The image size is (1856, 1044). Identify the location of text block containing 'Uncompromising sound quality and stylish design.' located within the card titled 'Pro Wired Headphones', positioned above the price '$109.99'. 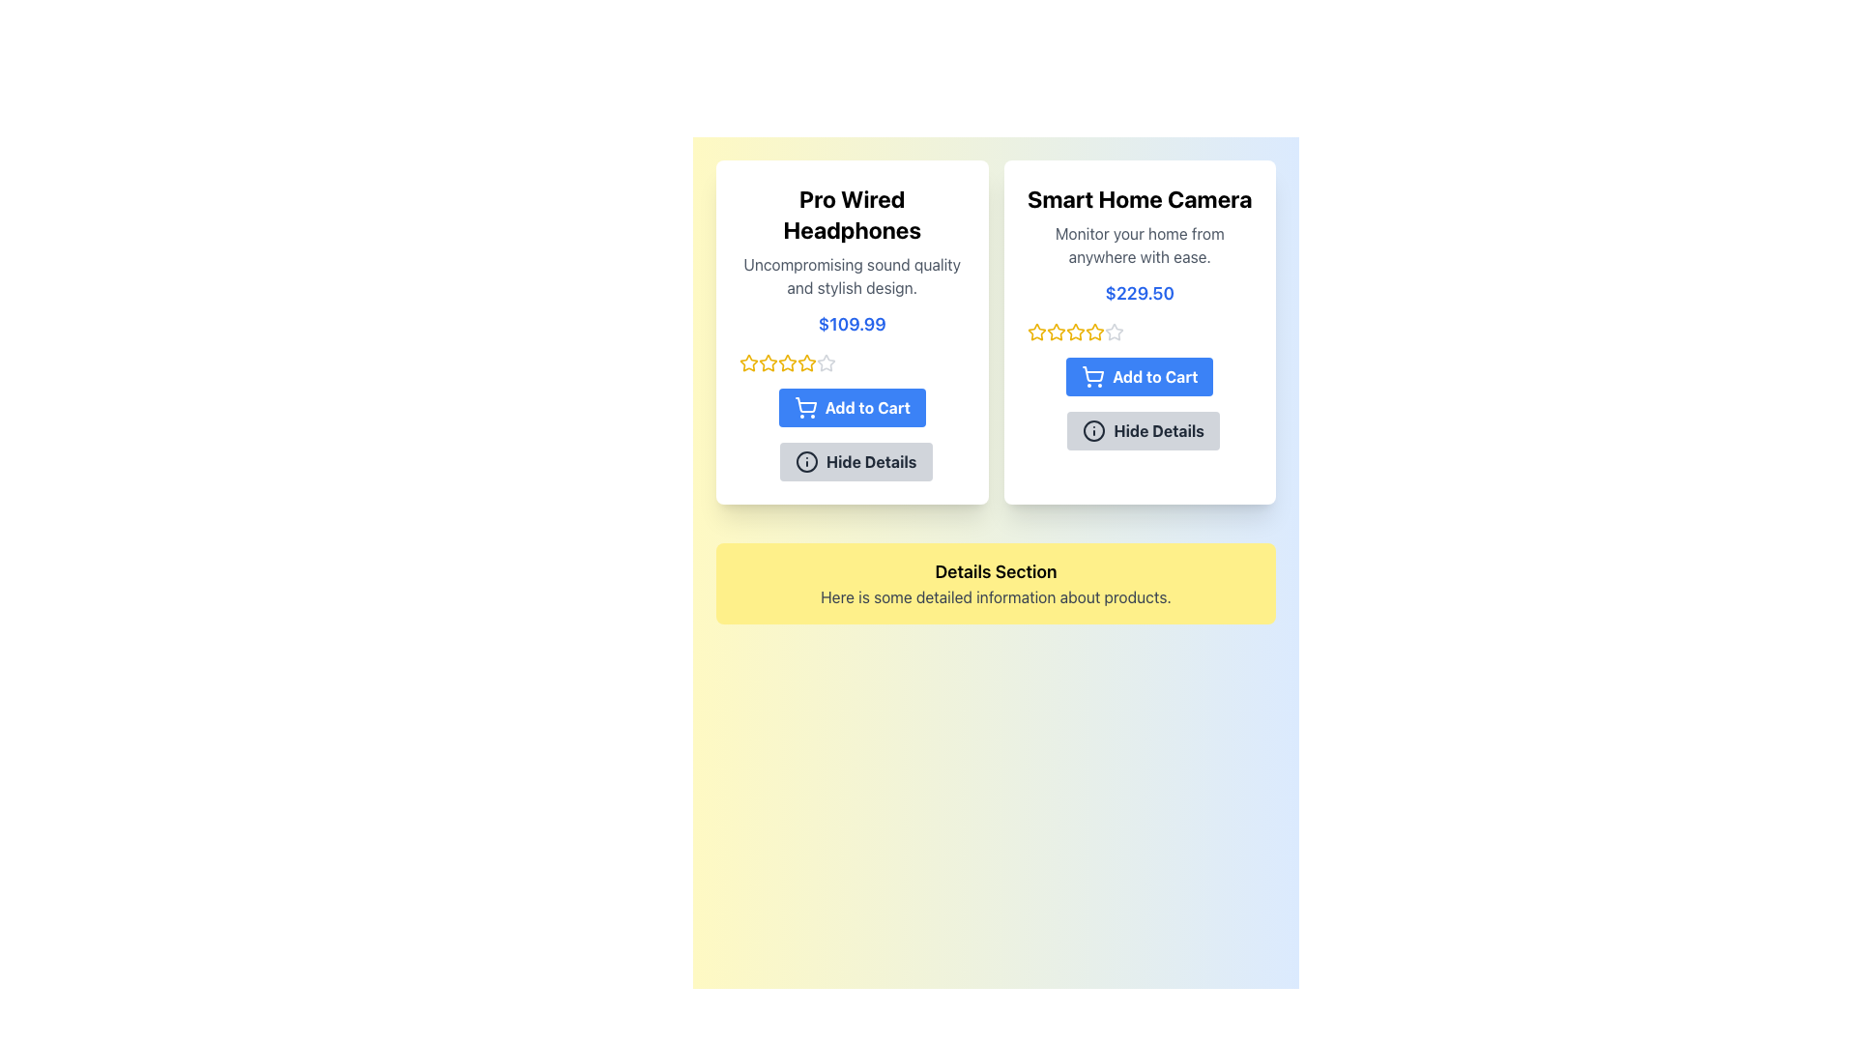
(851, 275).